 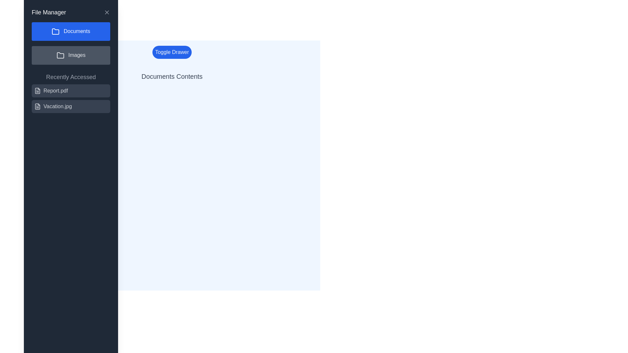 I want to click on the Text label indicating recently accessed files located in the 'File Manager' sidebar, positioned between 'Documents' and 'Report.pdf', so click(x=71, y=76).